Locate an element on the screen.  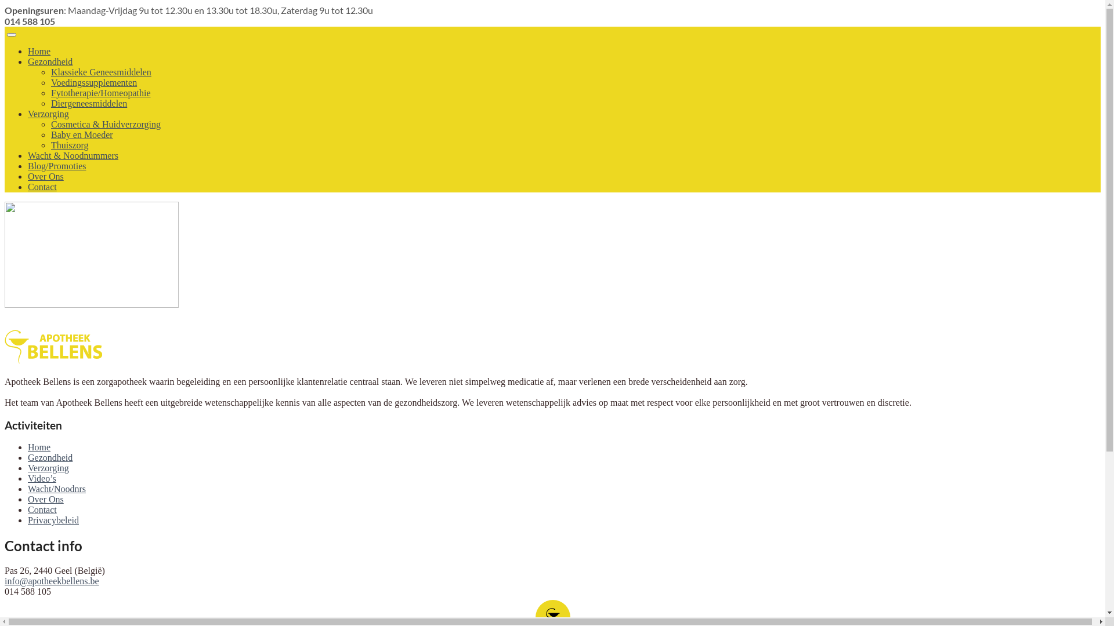
'Baby en Moeder' is located at coordinates (81, 134).